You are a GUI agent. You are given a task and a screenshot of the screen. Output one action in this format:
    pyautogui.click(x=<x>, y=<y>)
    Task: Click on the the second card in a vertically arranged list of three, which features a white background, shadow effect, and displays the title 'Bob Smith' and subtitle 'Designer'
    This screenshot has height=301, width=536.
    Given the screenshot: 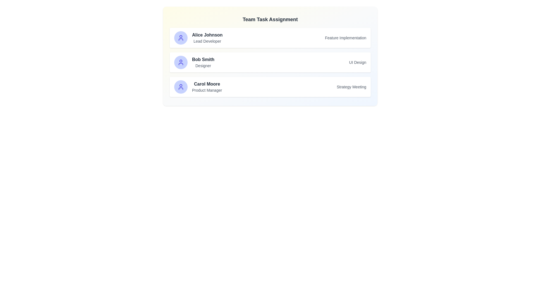 What is the action you would take?
    pyautogui.click(x=270, y=56)
    